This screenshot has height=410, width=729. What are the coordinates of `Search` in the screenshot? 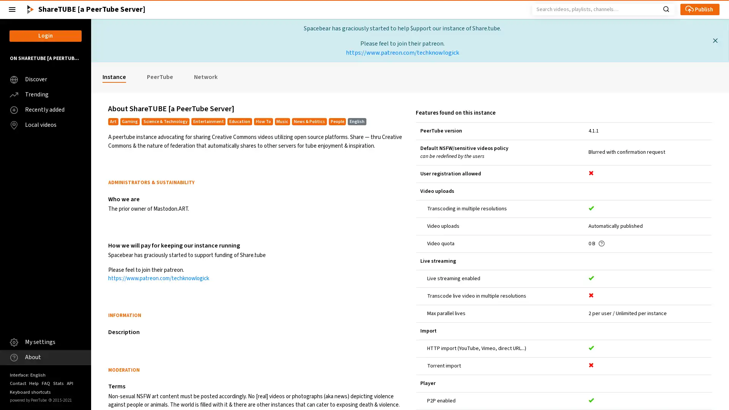 It's located at (666, 8).